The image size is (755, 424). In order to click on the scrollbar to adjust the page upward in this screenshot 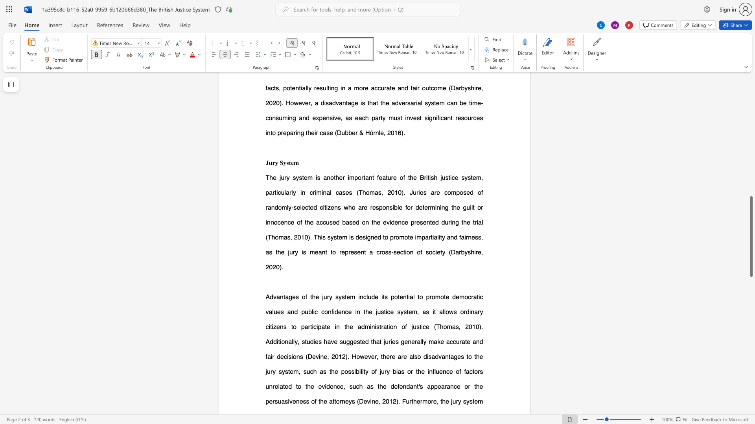, I will do `click(751, 149)`.